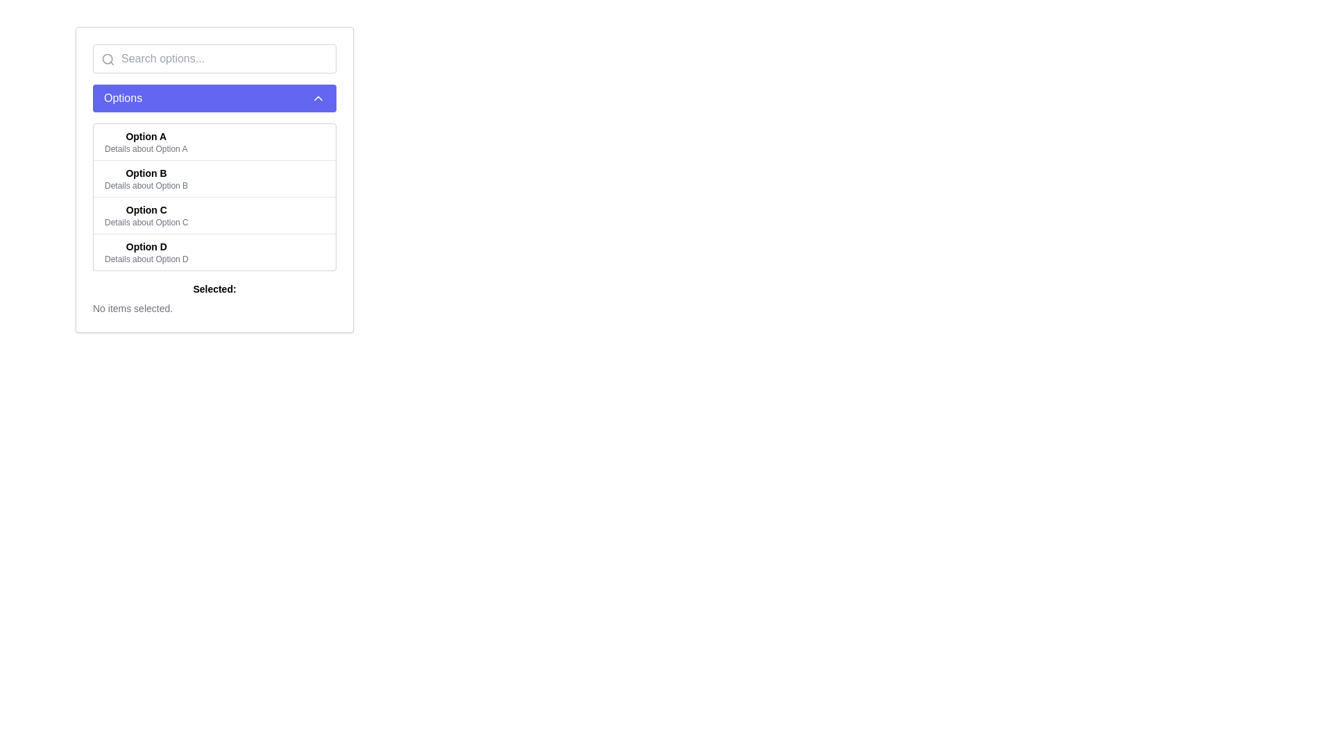 The image size is (1332, 749). What do you see at coordinates (146, 252) in the screenshot?
I see `the fourth item in the dropdown menu under the header 'Options' which corresponds to 'Option D'` at bounding box center [146, 252].